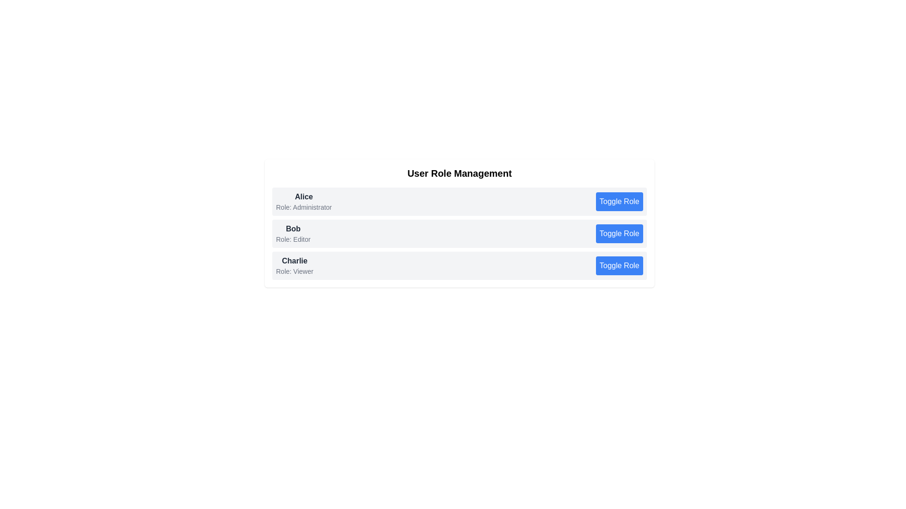 Image resolution: width=906 pixels, height=509 pixels. Describe the element at coordinates (619, 233) in the screenshot. I see `the button that toggles the role of user 'Bob', currently displayed as 'Editor', using the keyboard for focus` at that location.